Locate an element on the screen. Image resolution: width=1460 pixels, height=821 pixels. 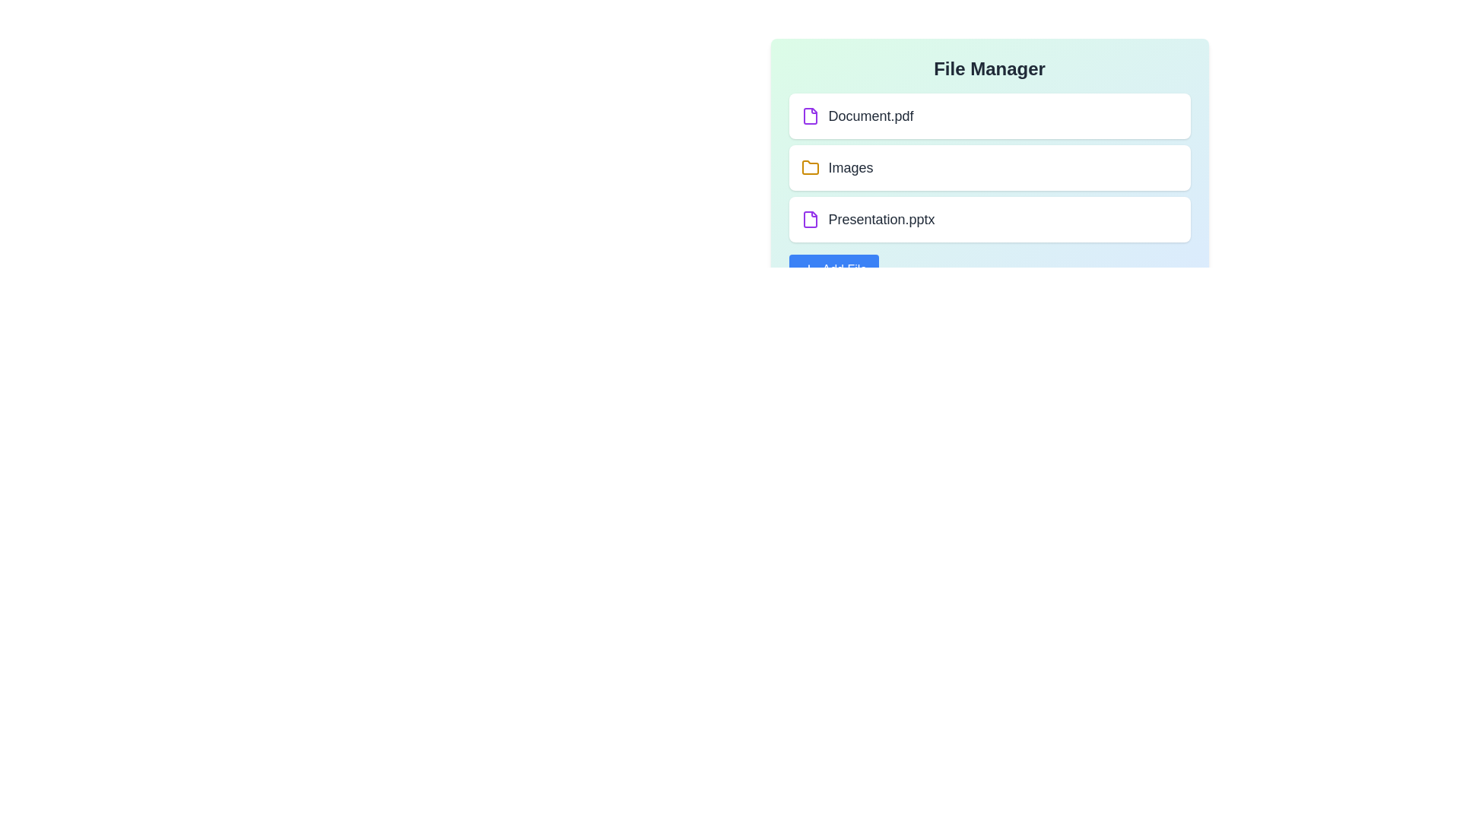
the file or folder named Images to edit or view details is located at coordinates (989, 167).